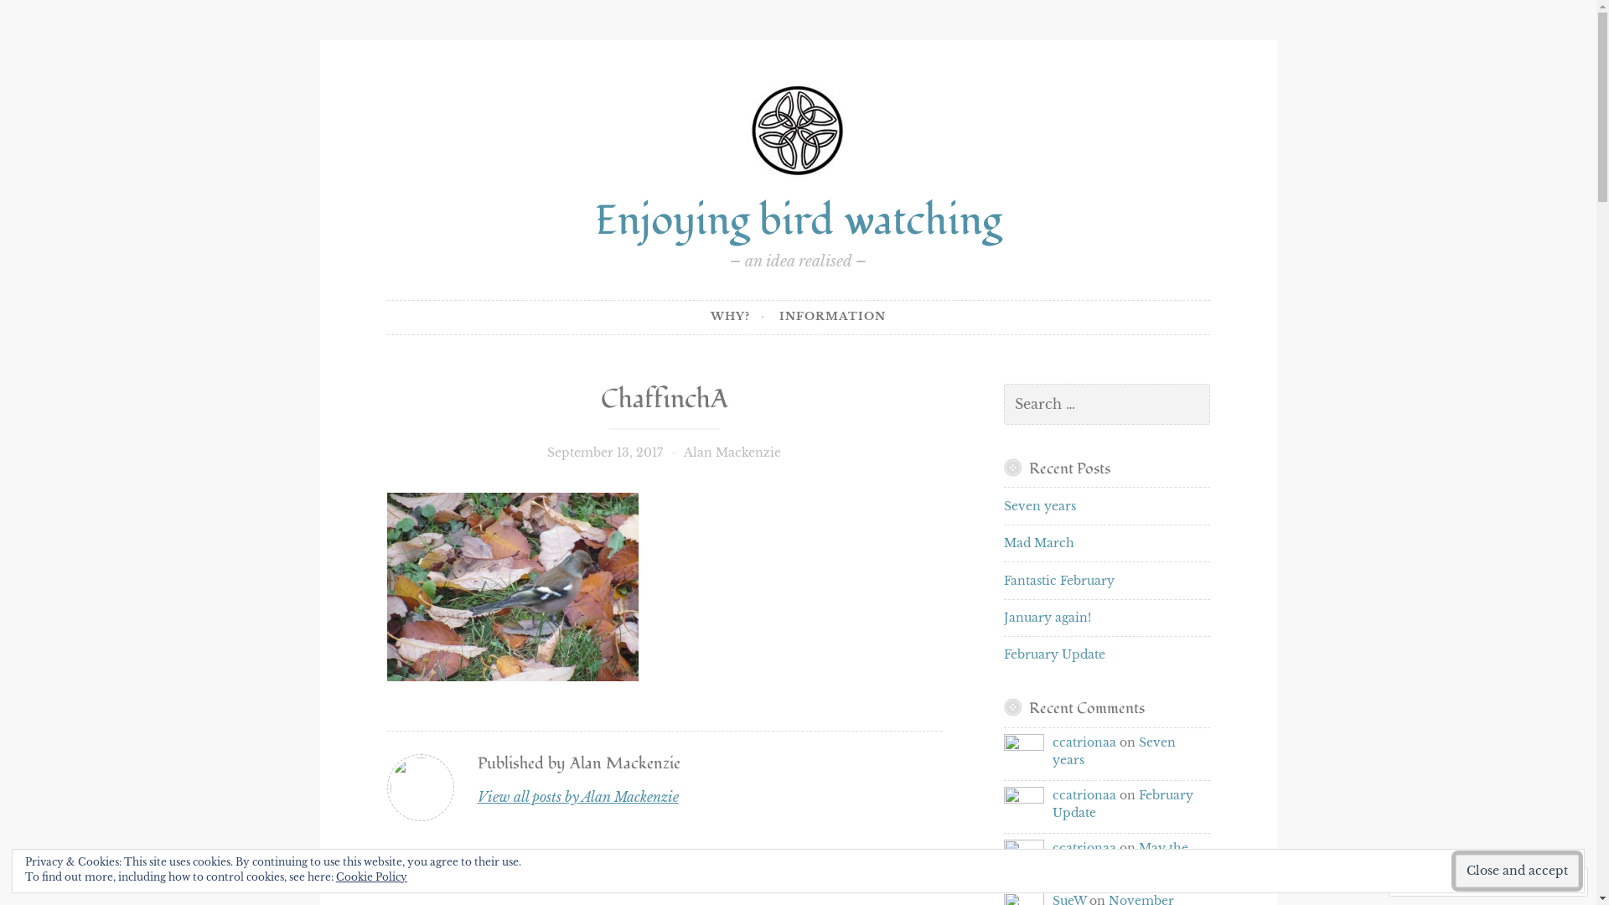  What do you see at coordinates (1004, 653) in the screenshot?
I see `'February Update'` at bounding box center [1004, 653].